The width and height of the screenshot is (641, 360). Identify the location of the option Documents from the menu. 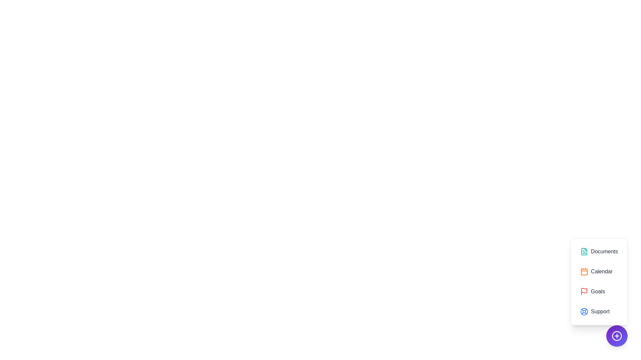
(599, 252).